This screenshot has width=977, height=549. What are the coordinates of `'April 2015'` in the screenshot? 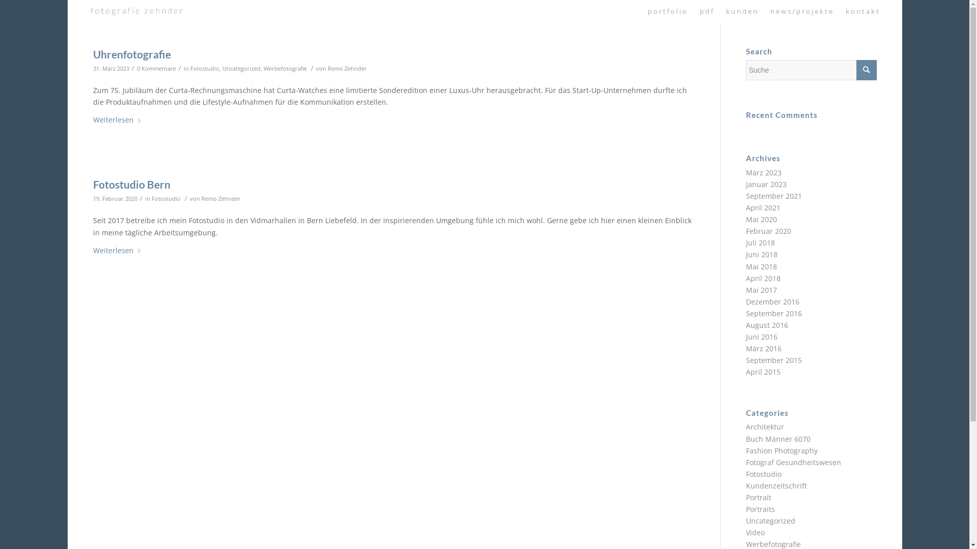 It's located at (763, 372).